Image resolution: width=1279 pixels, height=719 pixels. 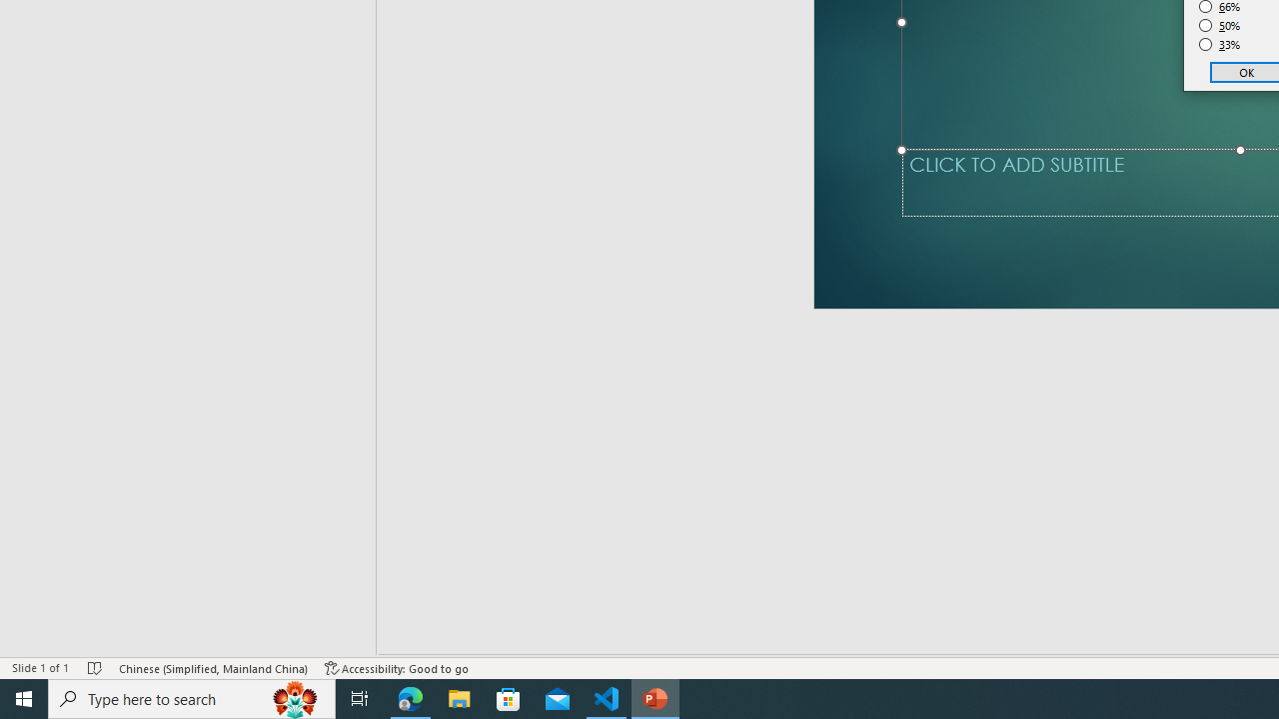 I want to click on 'Visual Studio Code - 1 running window', so click(x=606, y=697).